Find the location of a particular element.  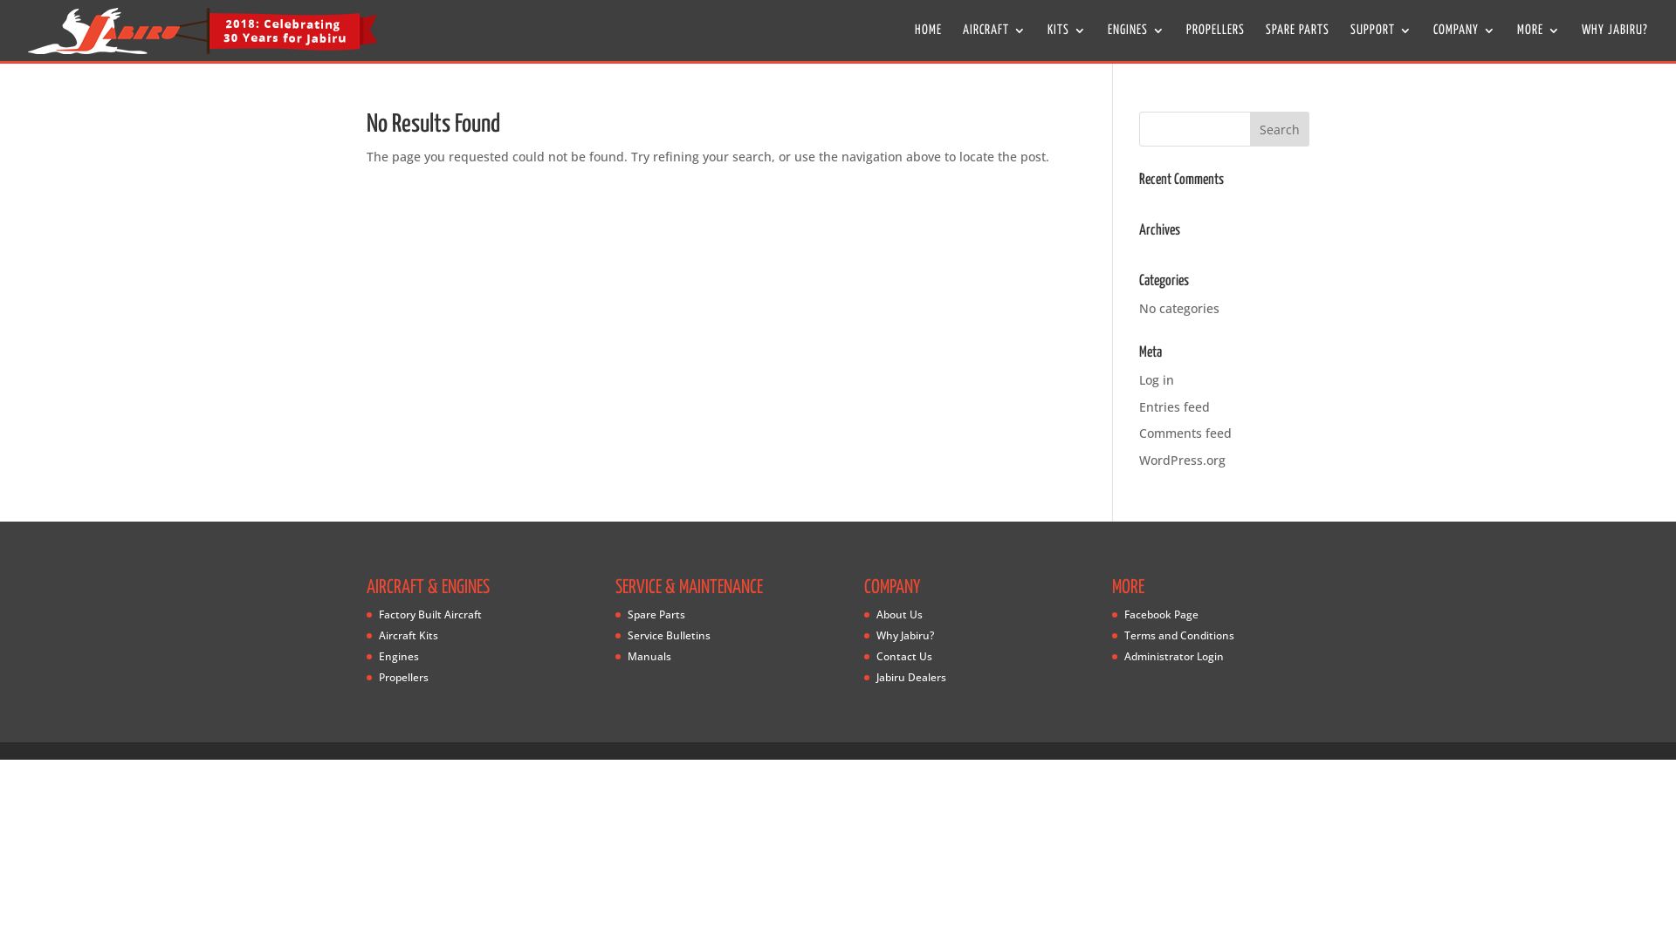

'HOME' is located at coordinates (927, 42).